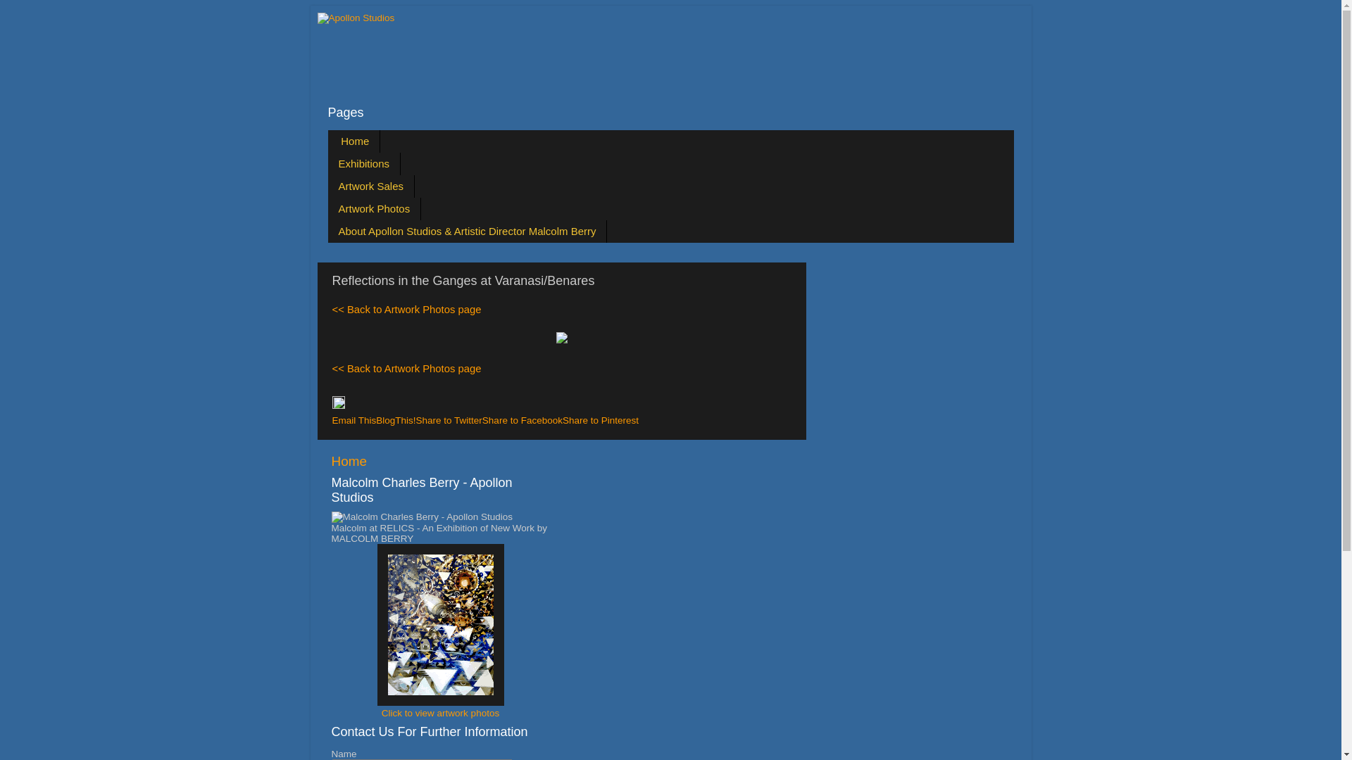  I want to click on 'Home', so click(354, 141).